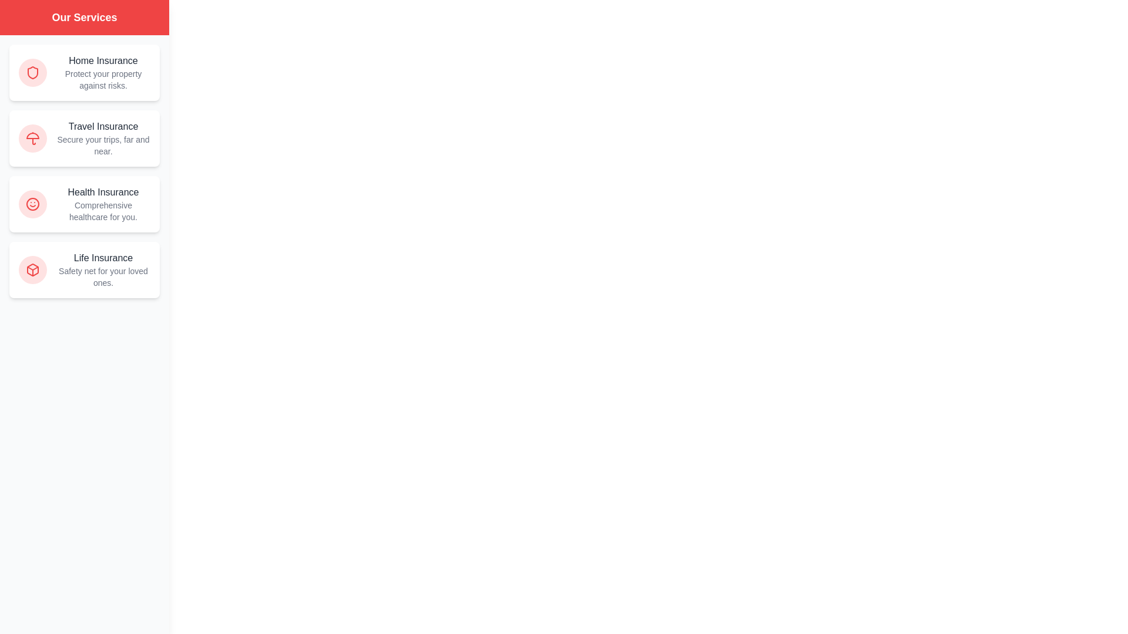 This screenshot has height=634, width=1128. I want to click on the Life Insurance service card to interact with it, so click(84, 269).